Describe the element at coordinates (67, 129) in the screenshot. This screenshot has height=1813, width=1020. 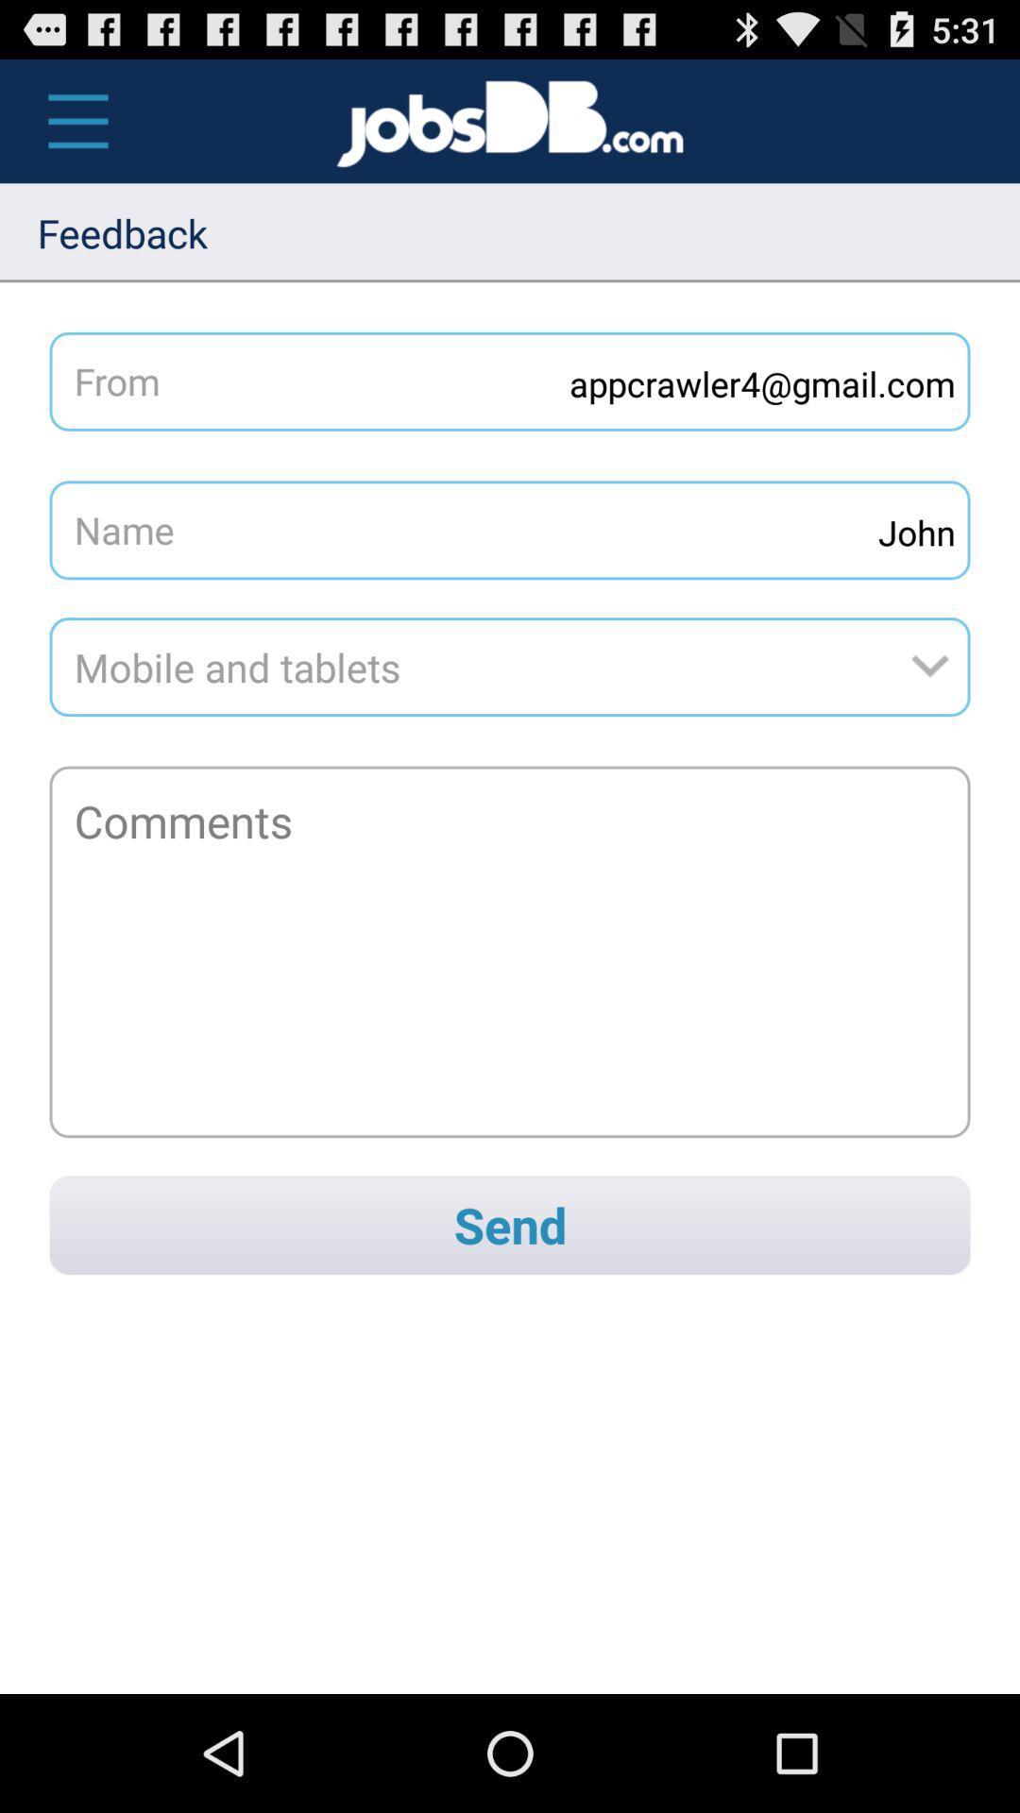
I see `the menu icon` at that location.